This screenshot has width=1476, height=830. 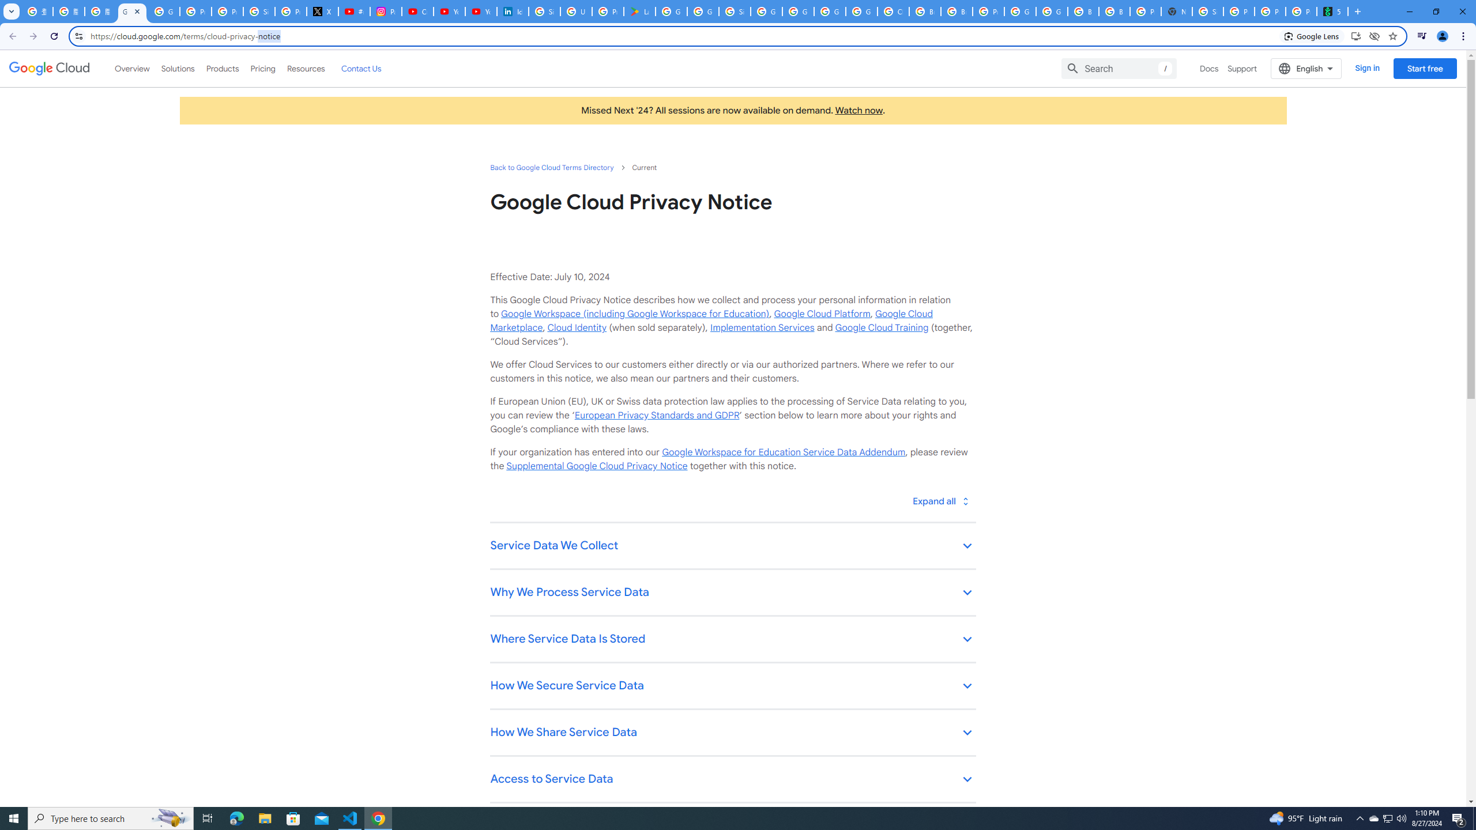 I want to click on 'Products', so click(x=221, y=68).